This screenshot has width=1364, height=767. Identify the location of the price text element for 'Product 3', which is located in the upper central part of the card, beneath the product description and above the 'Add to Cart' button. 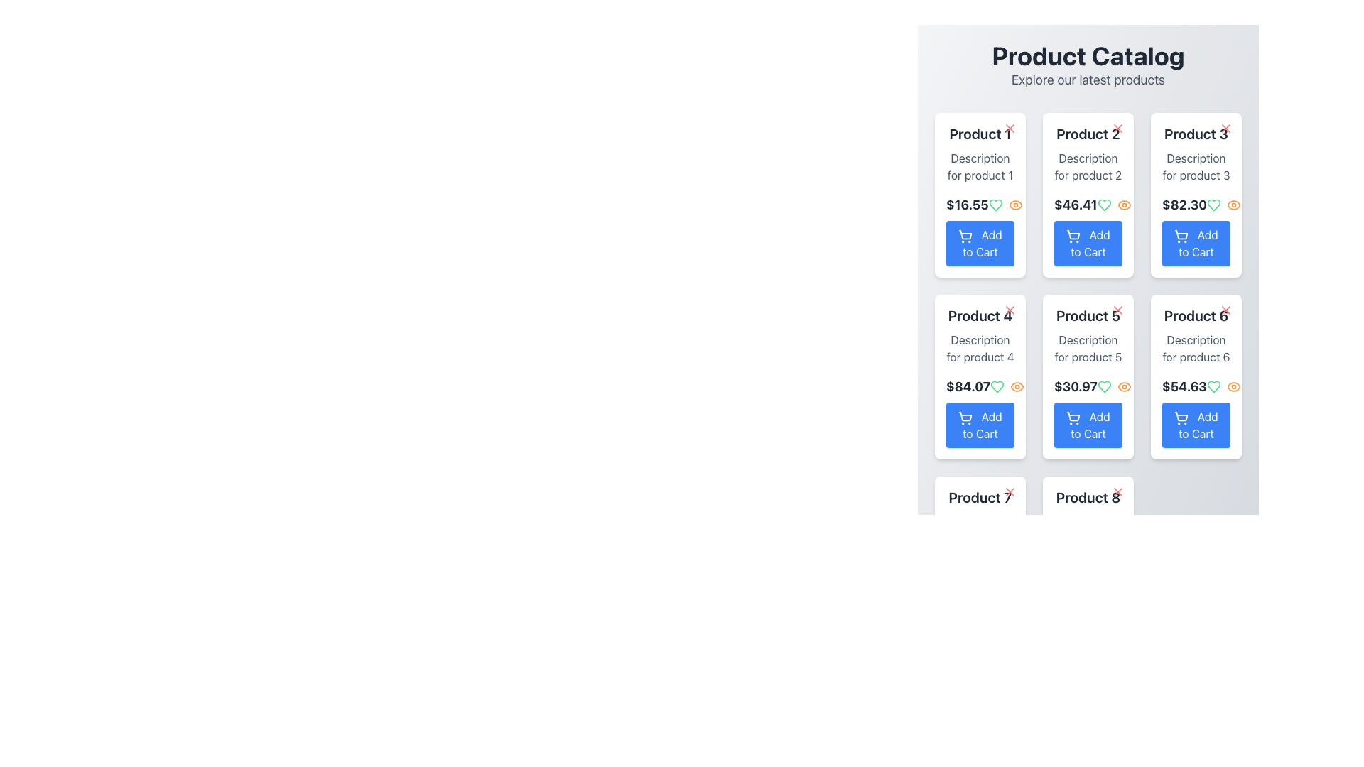
(1196, 205).